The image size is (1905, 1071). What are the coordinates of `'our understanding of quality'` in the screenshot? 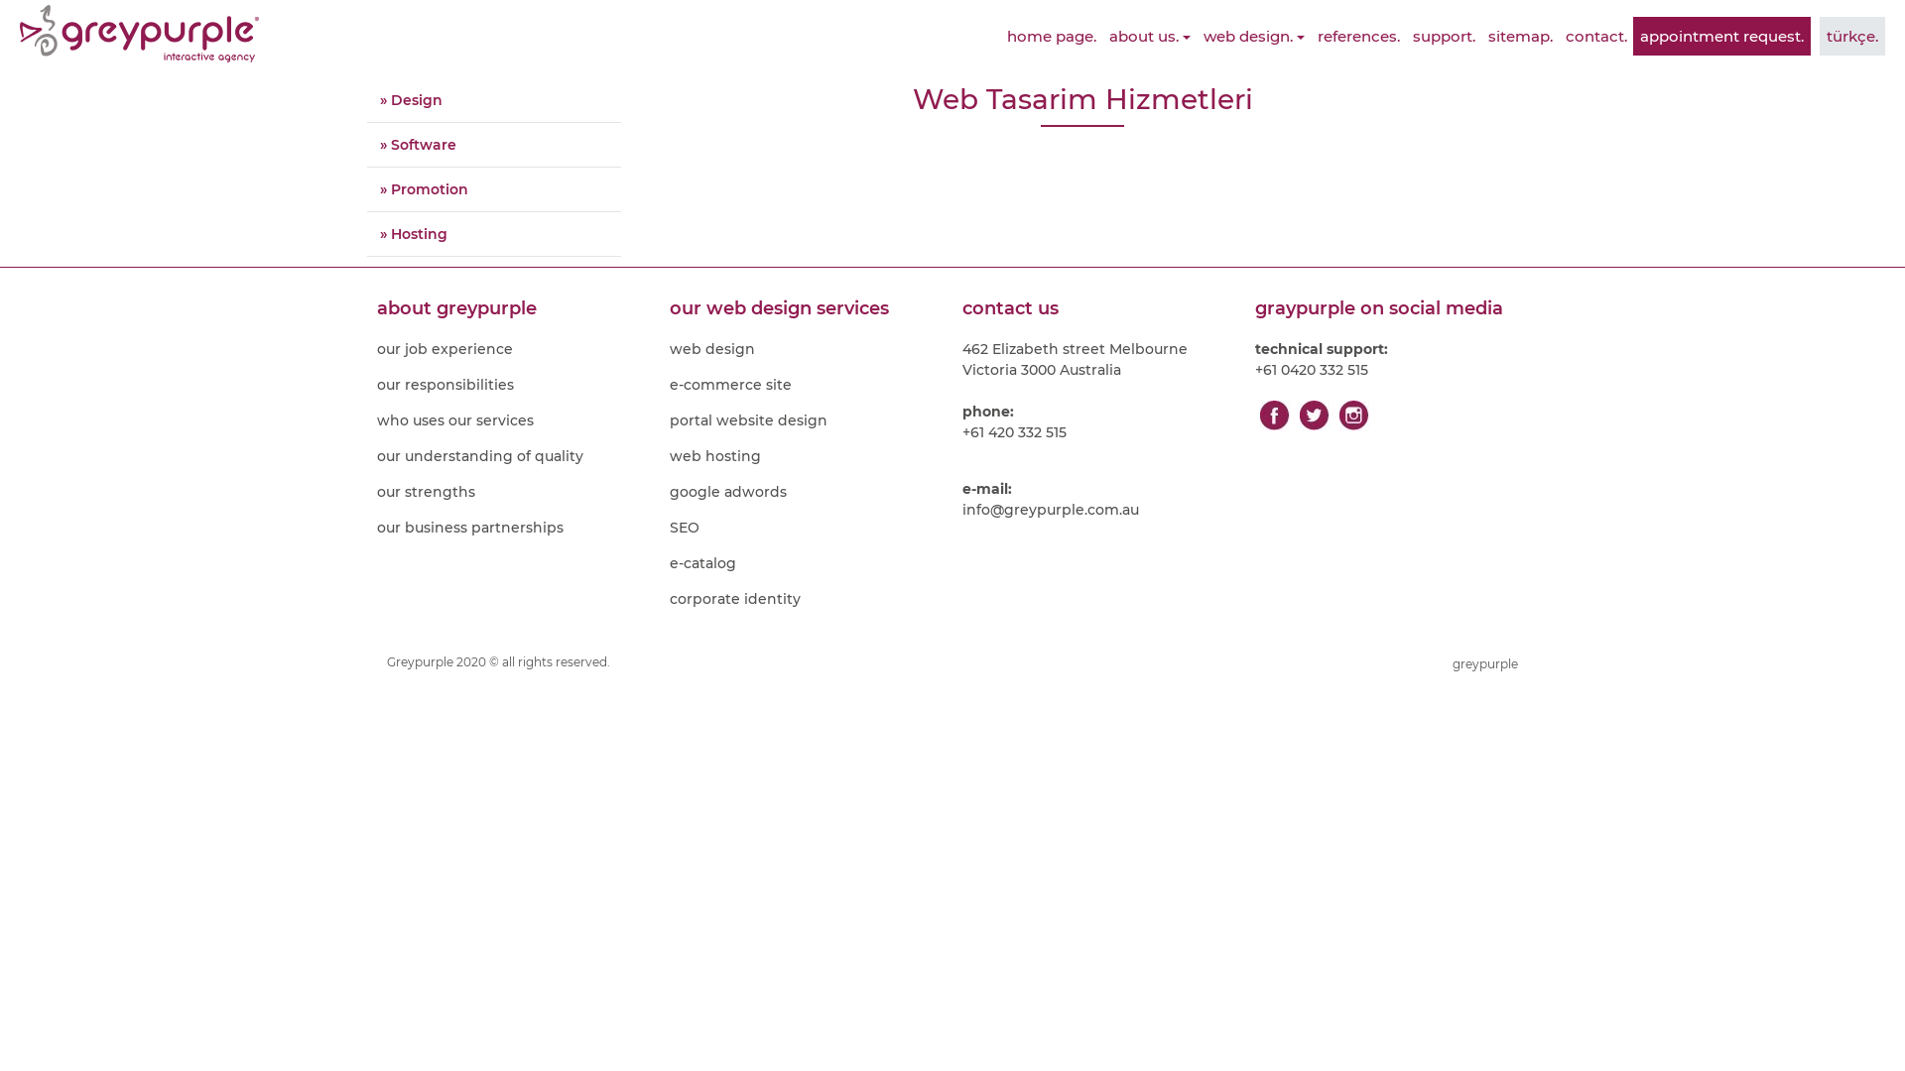 It's located at (376, 456).